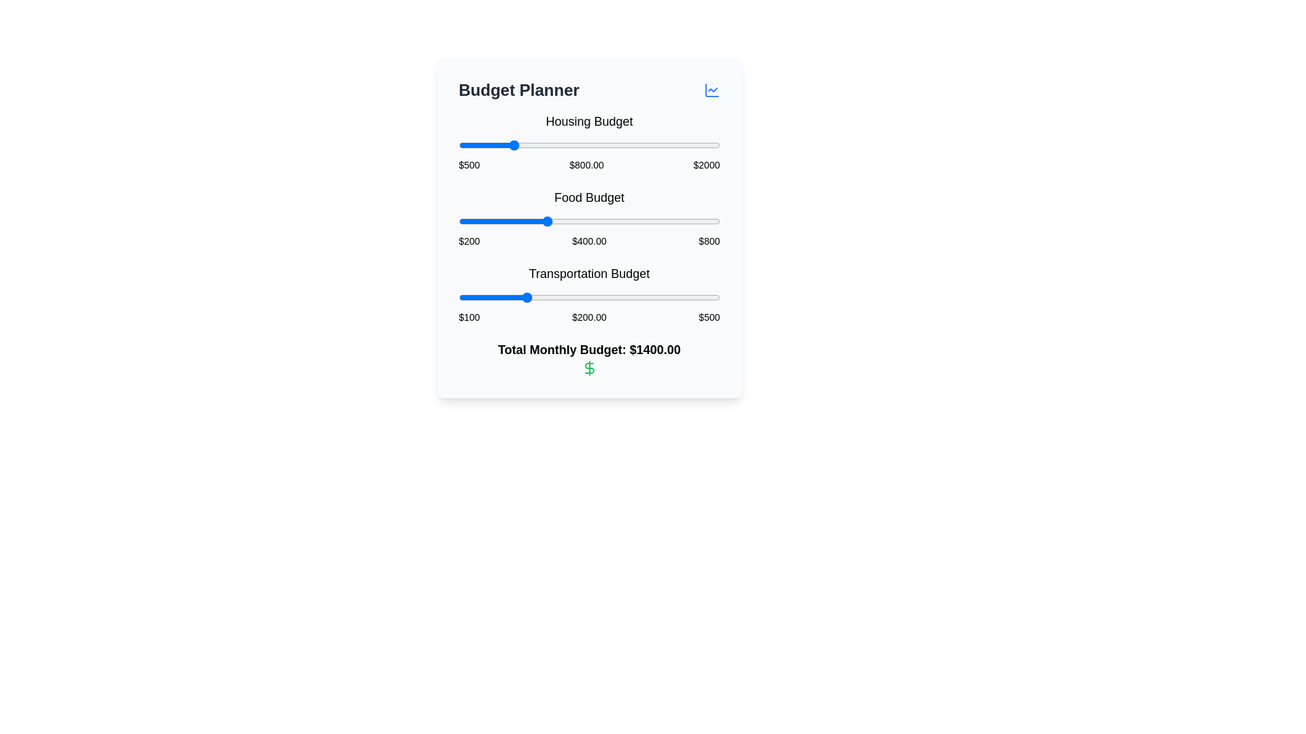  Describe the element at coordinates (533, 221) in the screenshot. I see `the Food Budget slider` at that location.